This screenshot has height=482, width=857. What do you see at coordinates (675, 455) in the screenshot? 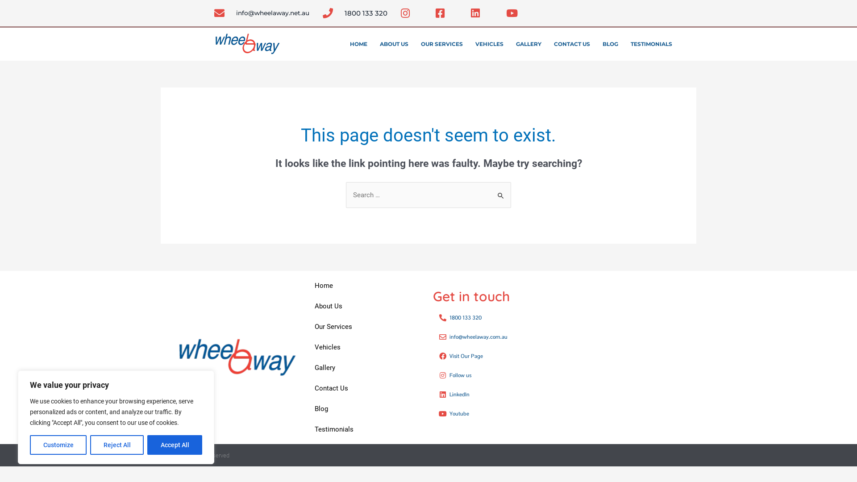
I see `'Medium'` at bounding box center [675, 455].